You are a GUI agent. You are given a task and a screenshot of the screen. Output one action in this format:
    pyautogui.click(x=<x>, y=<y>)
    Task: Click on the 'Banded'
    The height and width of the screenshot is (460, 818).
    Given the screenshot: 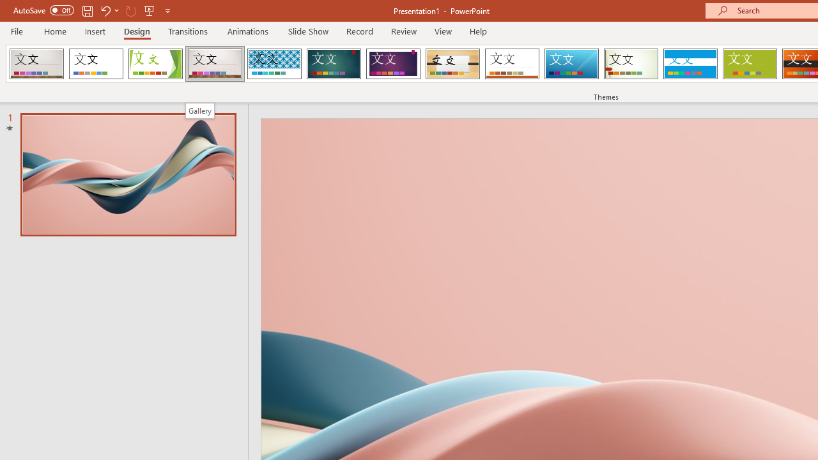 What is the action you would take?
    pyautogui.click(x=690, y=64)
    